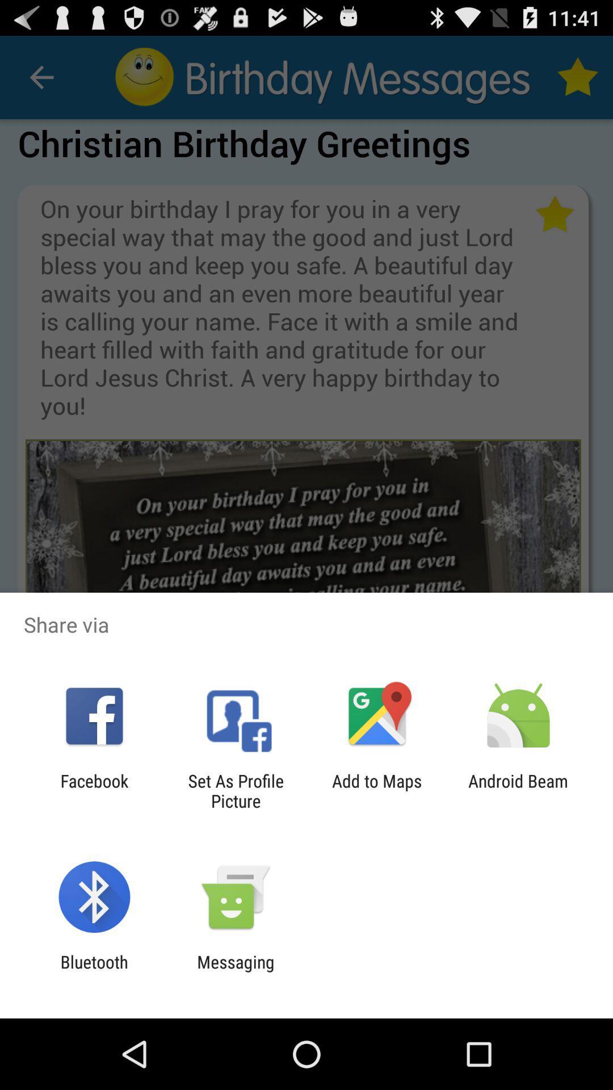 The height and width of the screenshot is (1090, 613). I want to click on app next to add to maps app, so click(518, 790).